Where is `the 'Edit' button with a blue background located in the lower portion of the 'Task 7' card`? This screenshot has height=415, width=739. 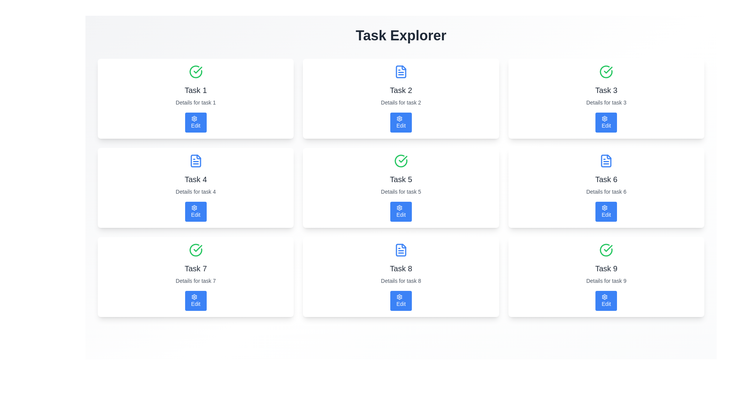
the 'Edit' button with a blue background located in the lower portion of the 'Task 7' card is located at coordinates (196, 300).